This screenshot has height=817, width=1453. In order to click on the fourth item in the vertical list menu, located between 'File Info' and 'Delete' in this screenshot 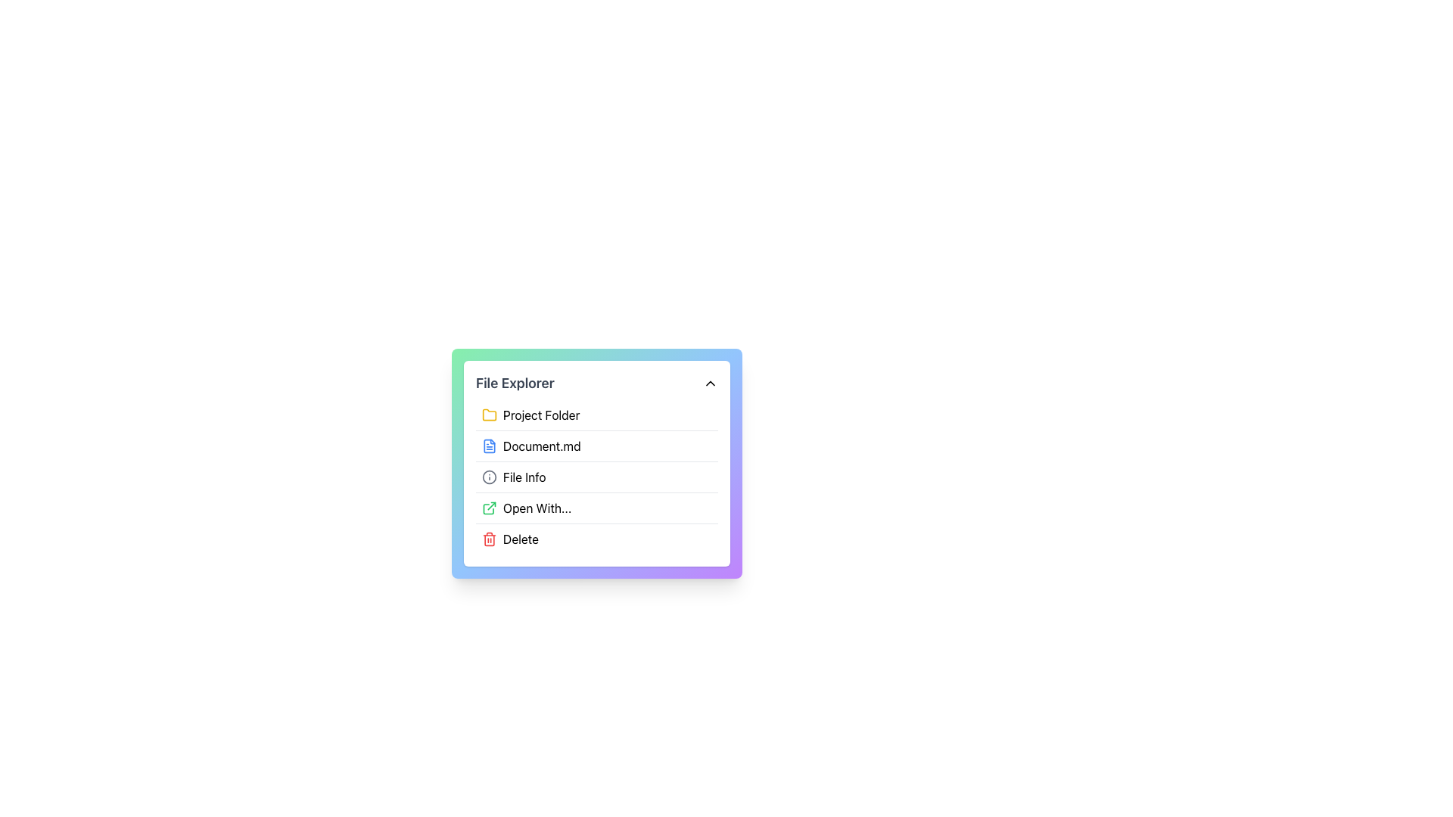, I will do `click(596, 508)`.